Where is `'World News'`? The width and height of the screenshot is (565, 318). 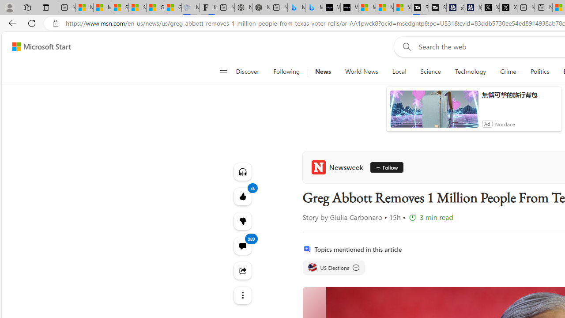
'World News' is located at coordinates (362, 72).